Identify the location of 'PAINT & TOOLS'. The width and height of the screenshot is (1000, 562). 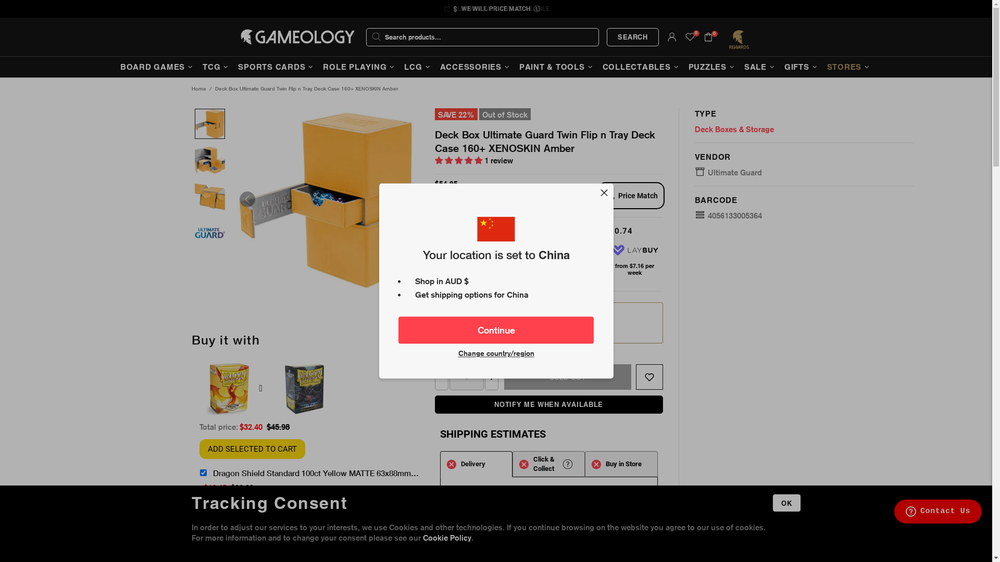
(557, 67).